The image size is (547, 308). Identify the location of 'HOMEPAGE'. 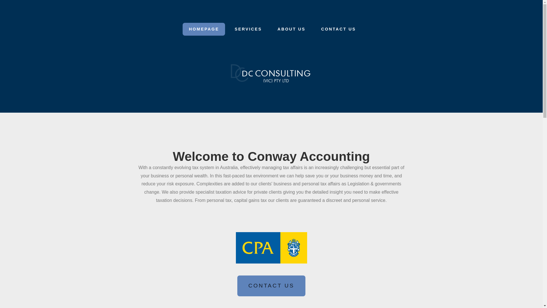
(204, 29).